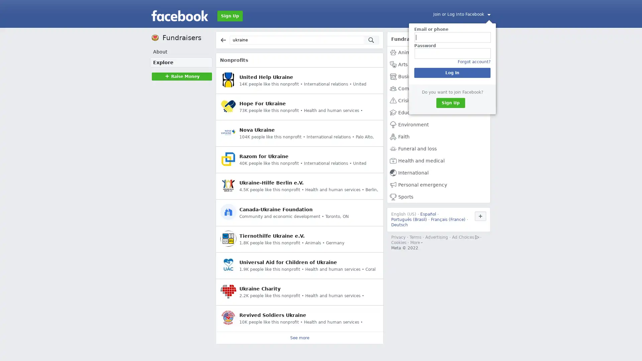  Describe the element at coordinates (299, 337) in the screenshot. I see `See more` at that location.